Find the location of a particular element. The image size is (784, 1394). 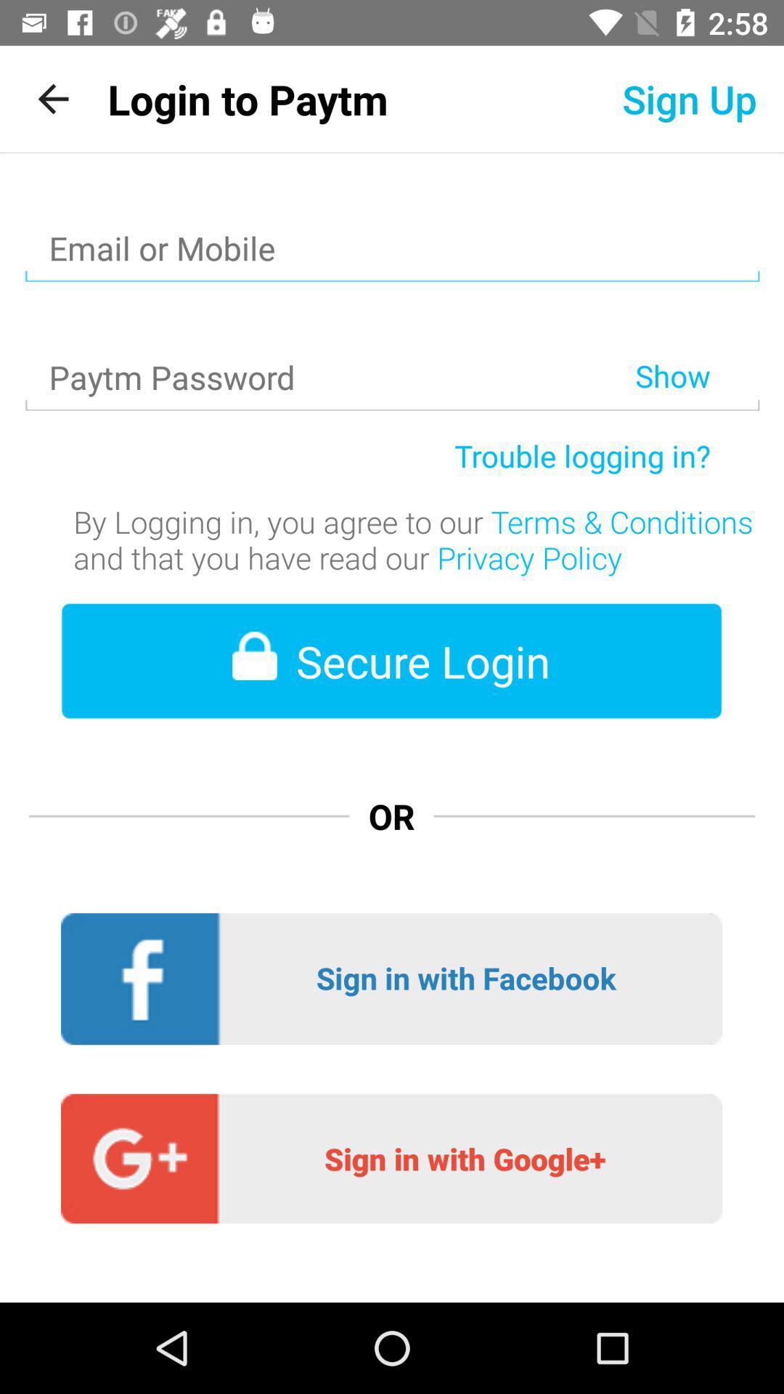

item next to the show item is located at coordinates (330, 339).